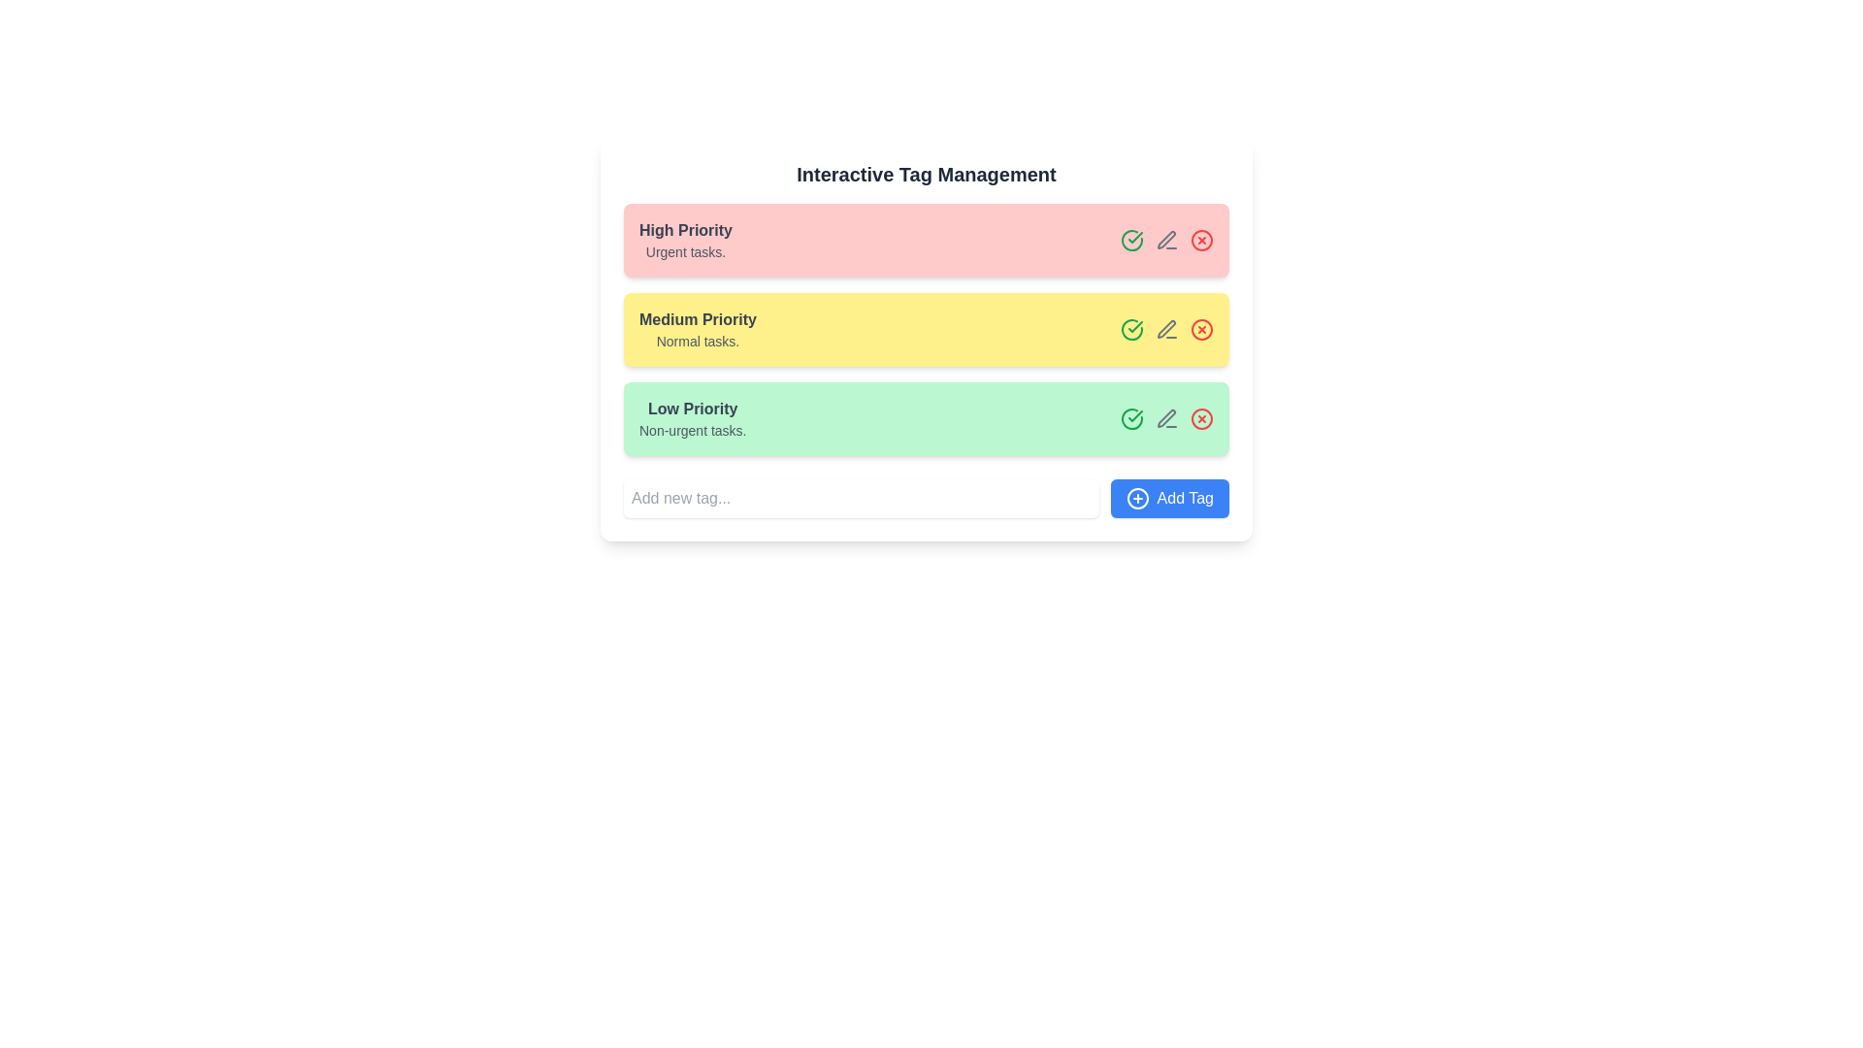  Describe the element at coordinates (1137, 497) in the screenshot. I see `the circular icon component representing a 'plus' symbol located at the center of the 'Add Tag' button in the bottom-right corner of the interface` at that location.